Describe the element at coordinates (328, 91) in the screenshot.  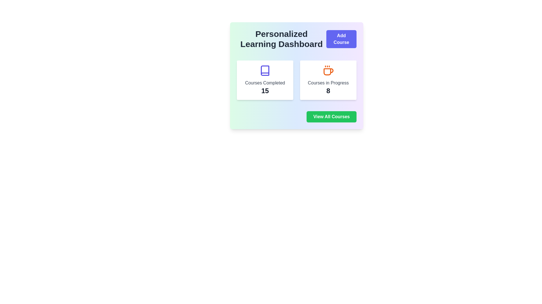
I see `the bold, large numeric '8' in black color, which is located beneath the text 'Courses in Progress' within the card` at that location.